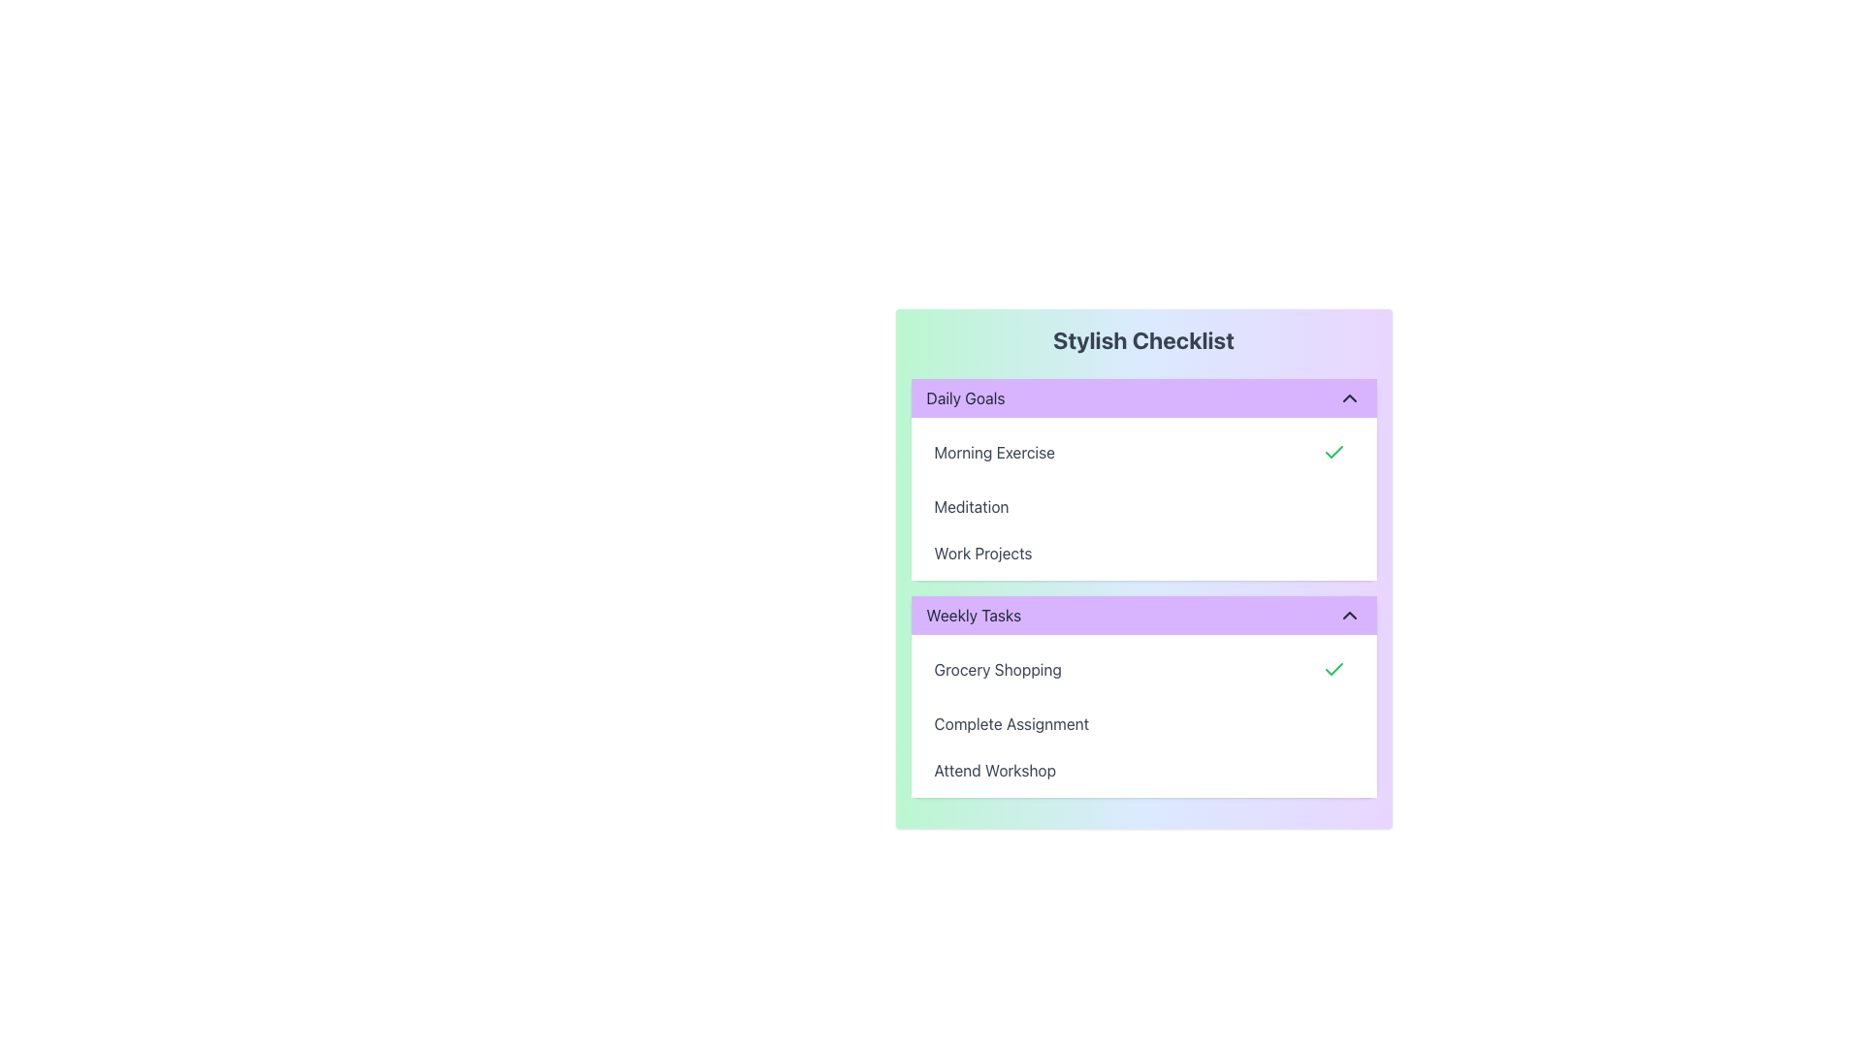 Image resolution: width=1862 pixels, height=1047 pixels. I want to click on the 'Complete Assignment' list item in the Weekly Tasks section to mark it as complete, so click(1143, 724).